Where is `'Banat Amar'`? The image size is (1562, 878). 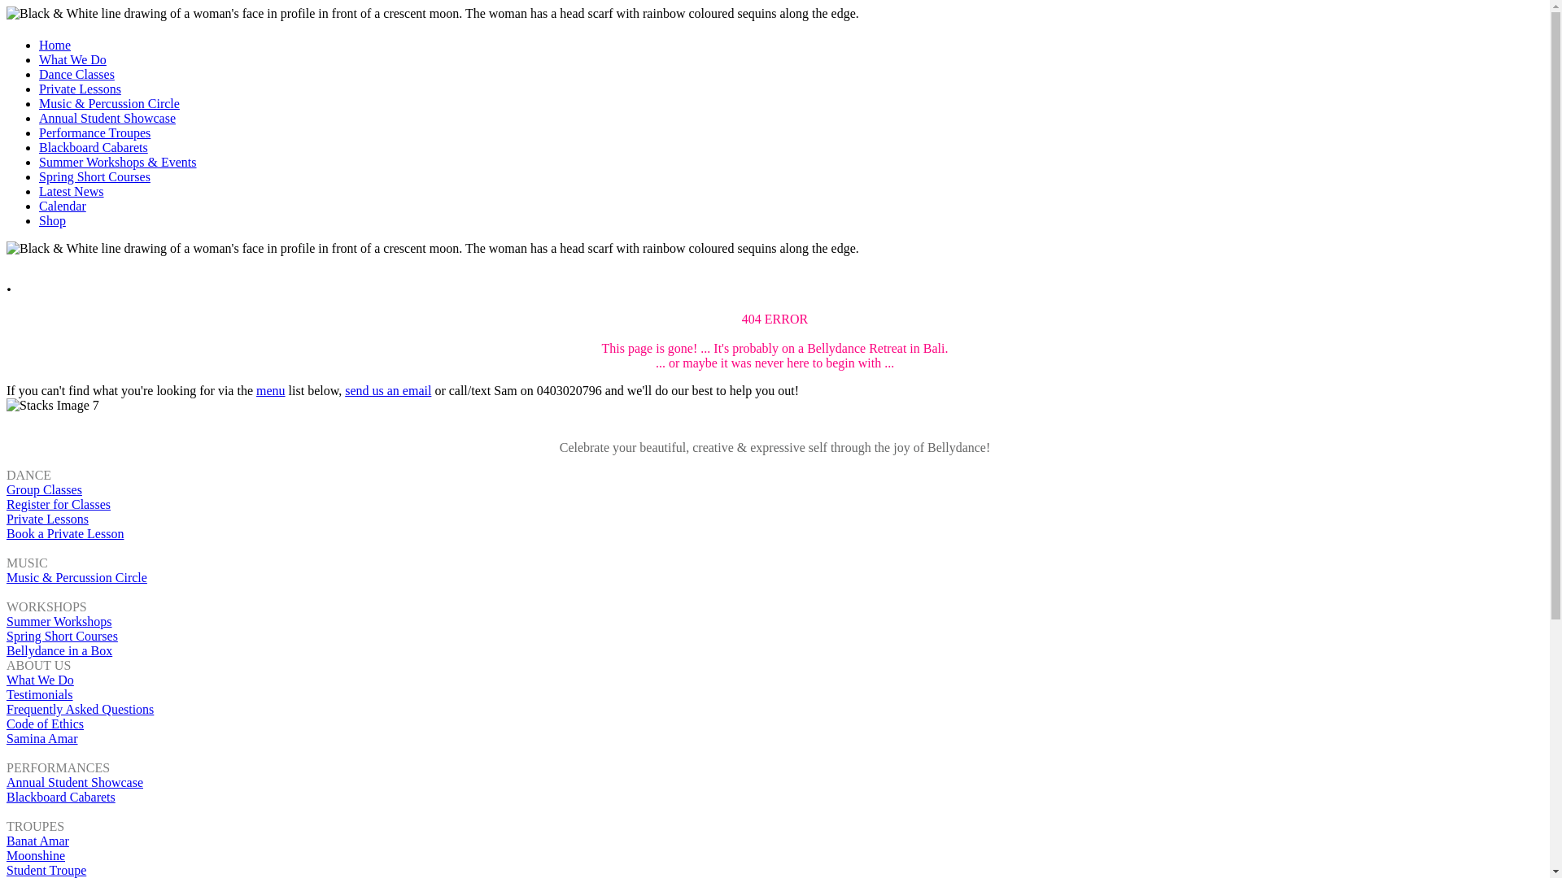 'Banat Amar' is located at coordinates (37, 841).